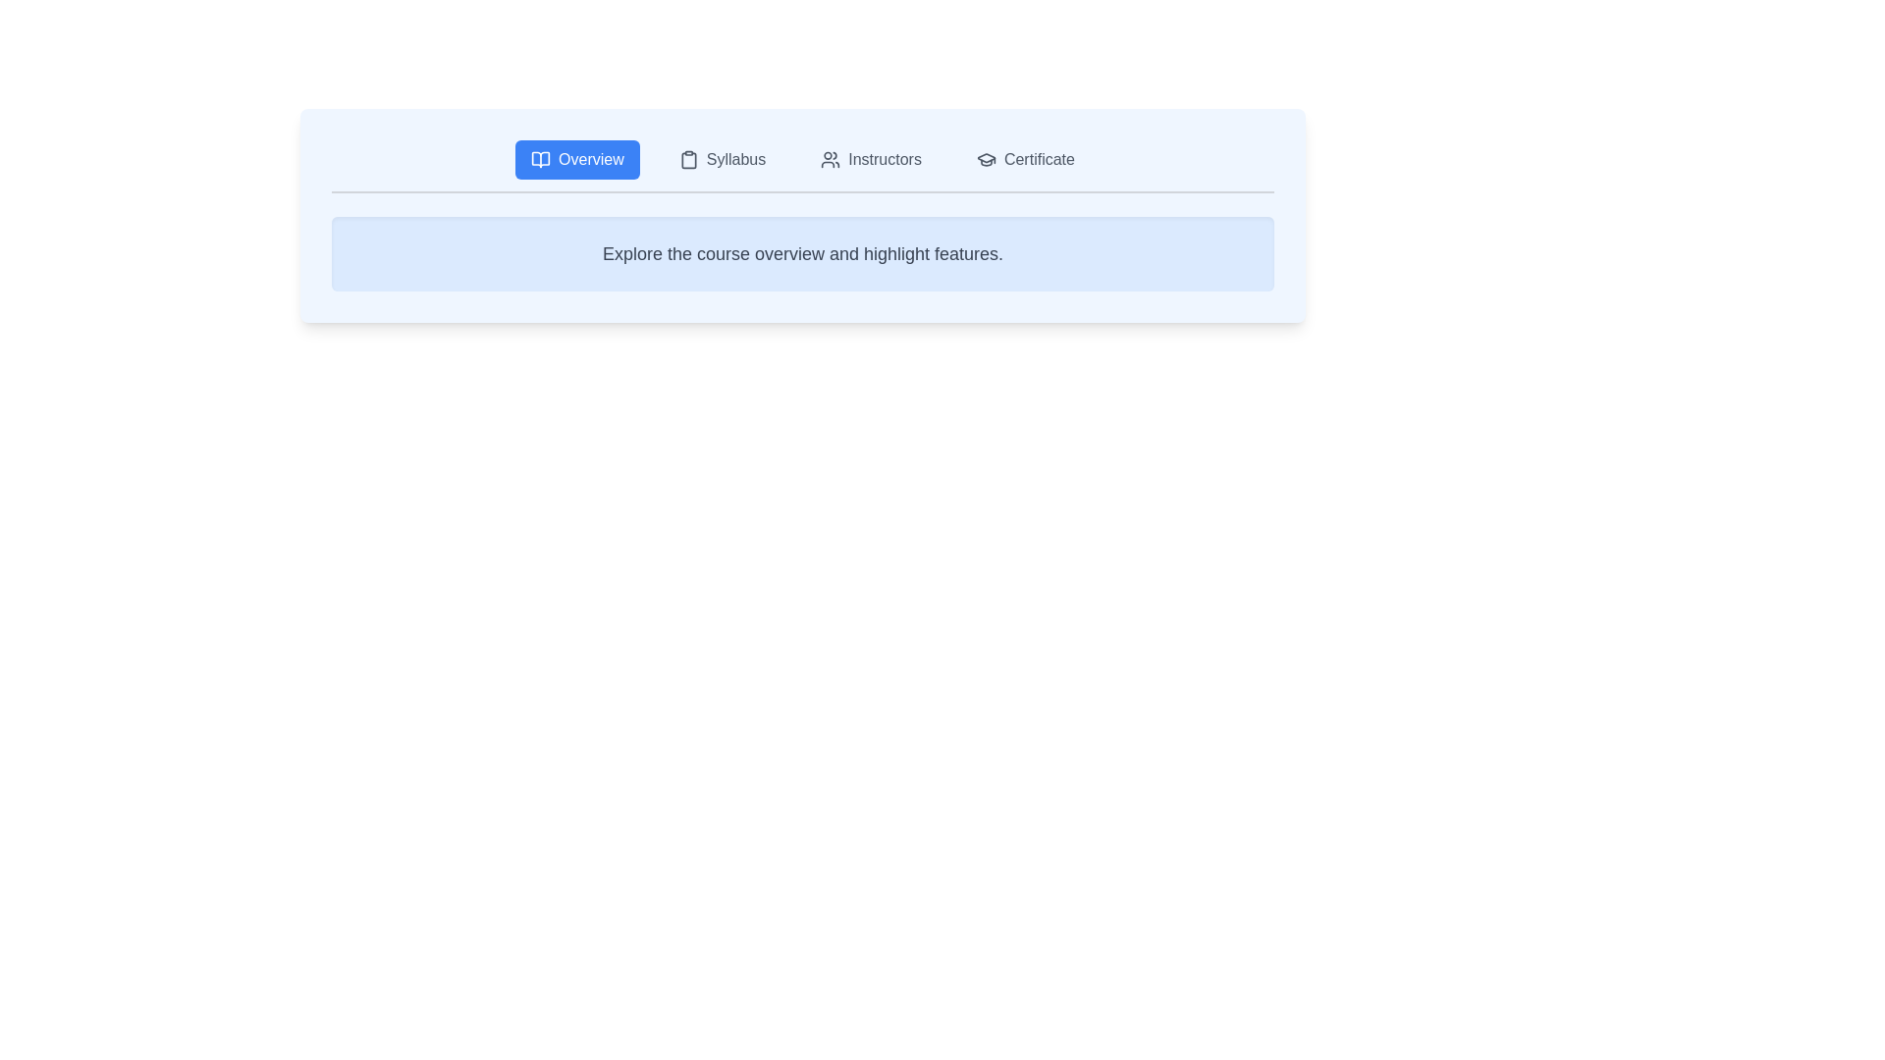 The height and width of the screenshot is (1060, 1885). What do you see at coordinates (576, 158) in the screenshot?
I see `the Overview tab` at bounding box center [576, 158].